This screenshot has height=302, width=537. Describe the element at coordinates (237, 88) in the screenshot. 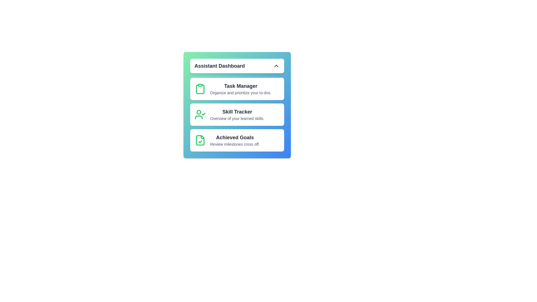

I see `the option Task Manager to preview its effect` at that location.